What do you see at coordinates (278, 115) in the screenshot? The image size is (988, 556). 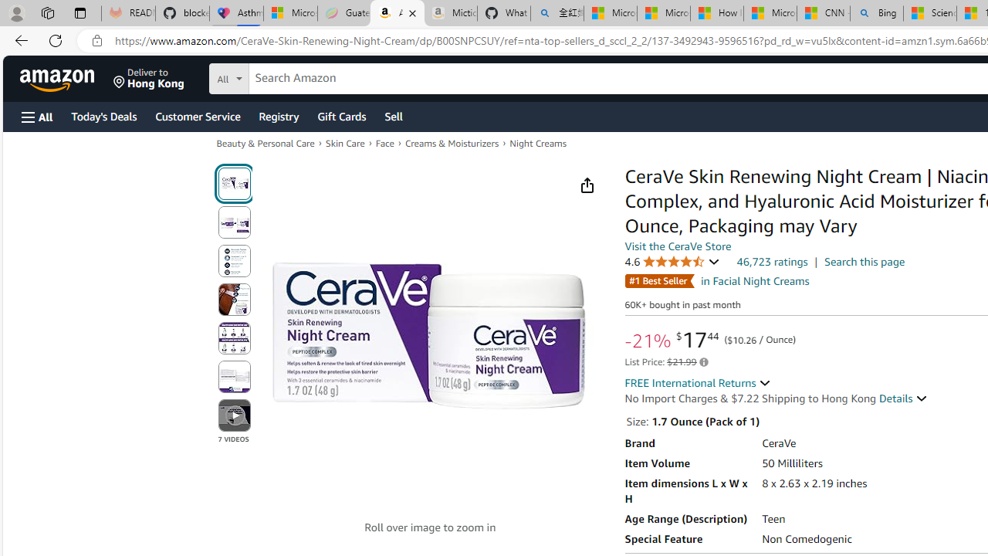 I see `'Registry'` at bounding box center [278, 115].